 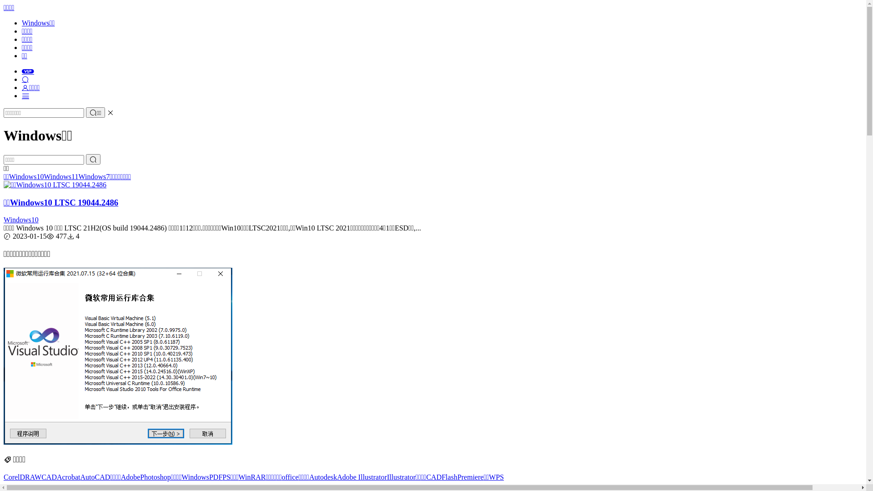 I want to click on 'Adobe Illustrator', so click(x=361, y=476).